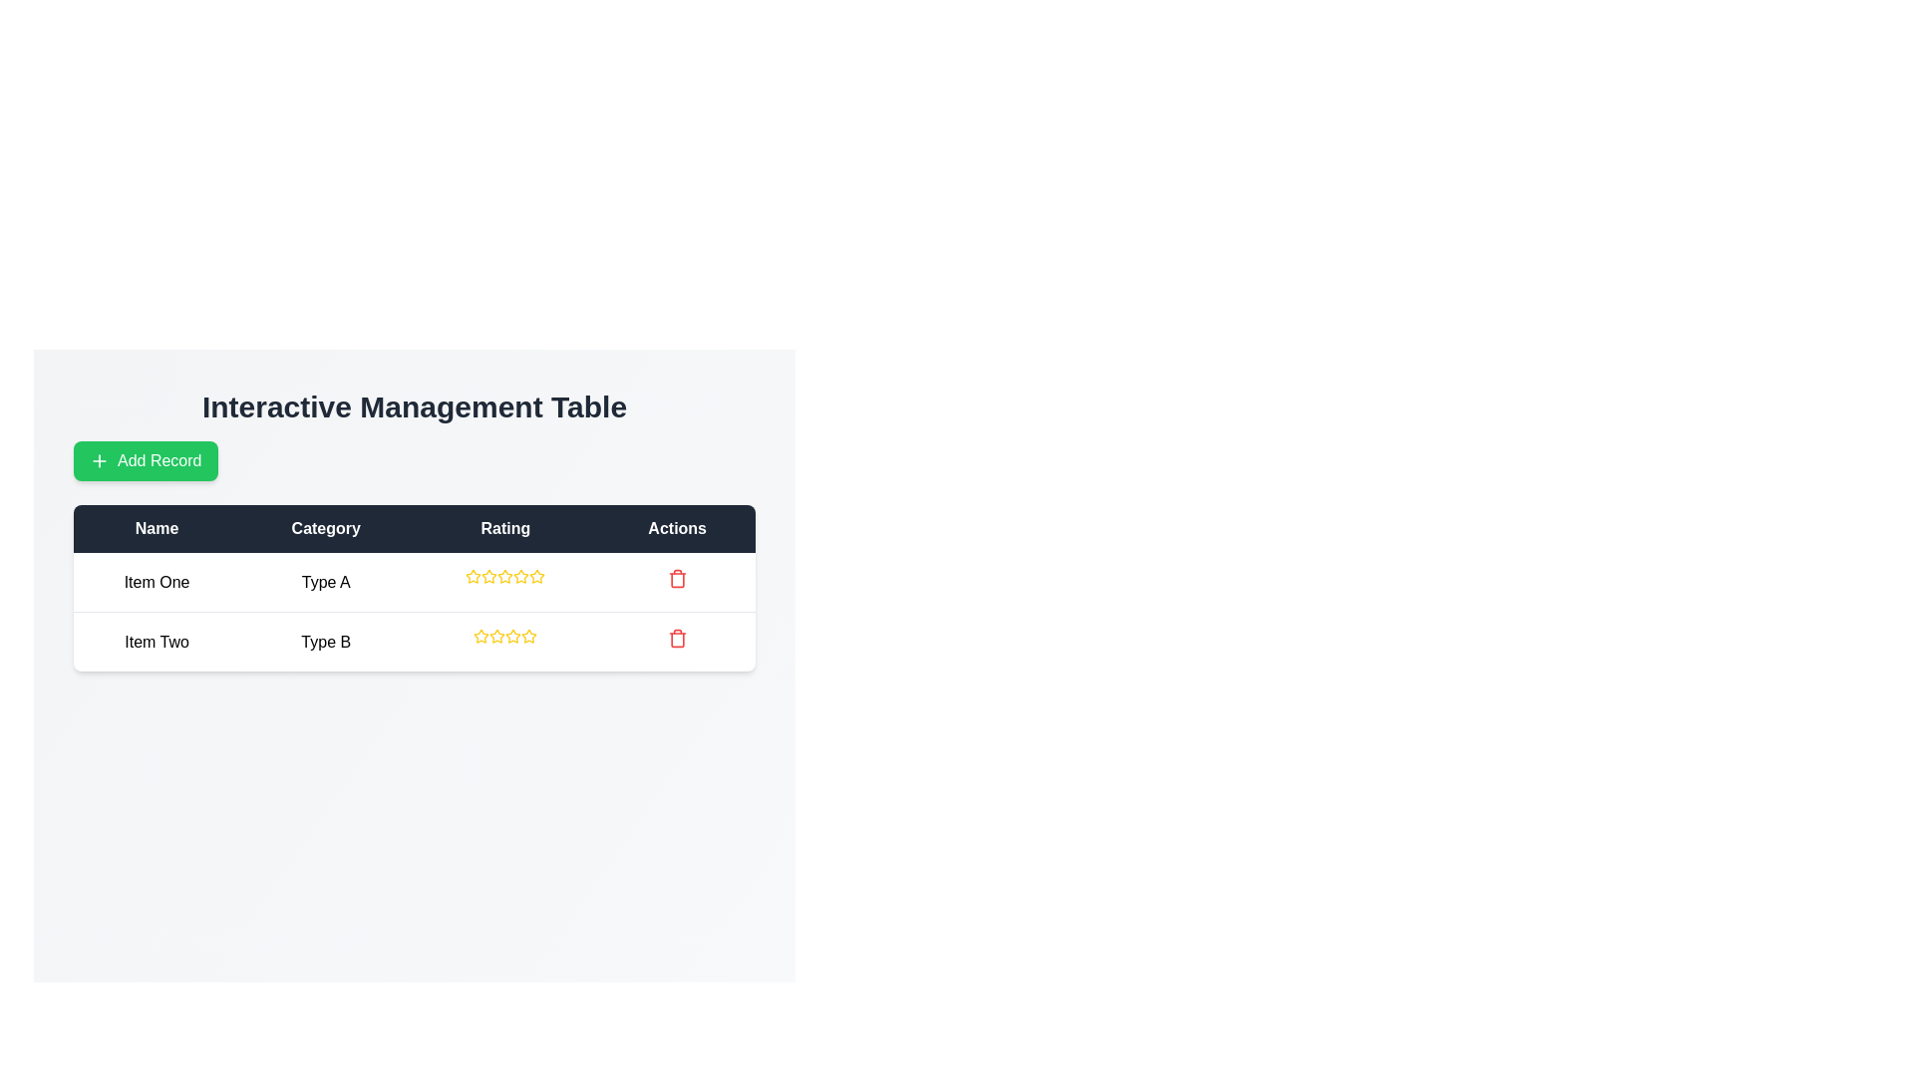 The width and height of the screenshot is (1914, 1076). What do you see at coordinates (497, 636) in the screenshot?
I see `the second star in the rating system for 'Item Two', which represents its rating level` at bounding box center [497, 636].